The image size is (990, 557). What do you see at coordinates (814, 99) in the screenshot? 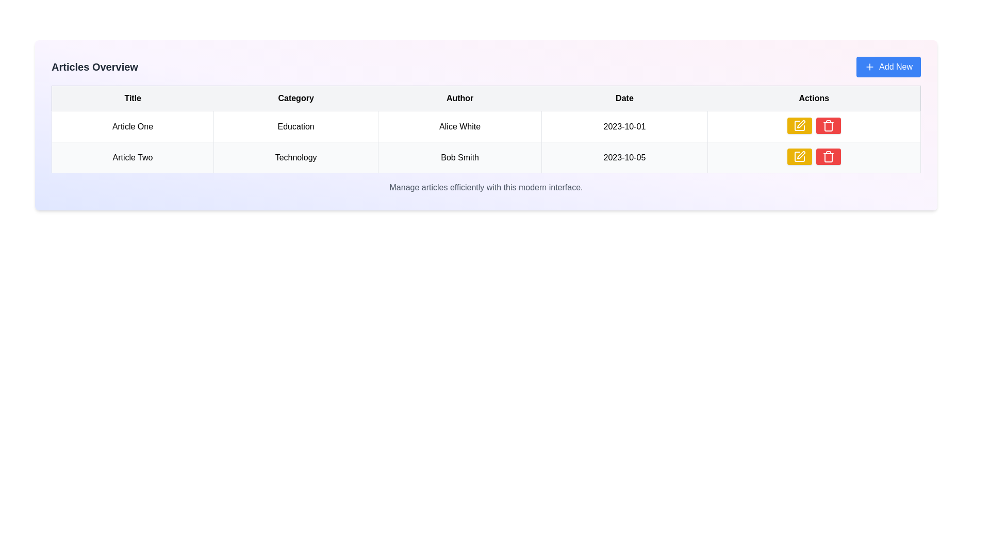
I see `the 'Actions' header cell in the table, which is styled with centered alignment, bold black text on a light background, and positioned at the last column of the top row` at bounding box center [814, 99].